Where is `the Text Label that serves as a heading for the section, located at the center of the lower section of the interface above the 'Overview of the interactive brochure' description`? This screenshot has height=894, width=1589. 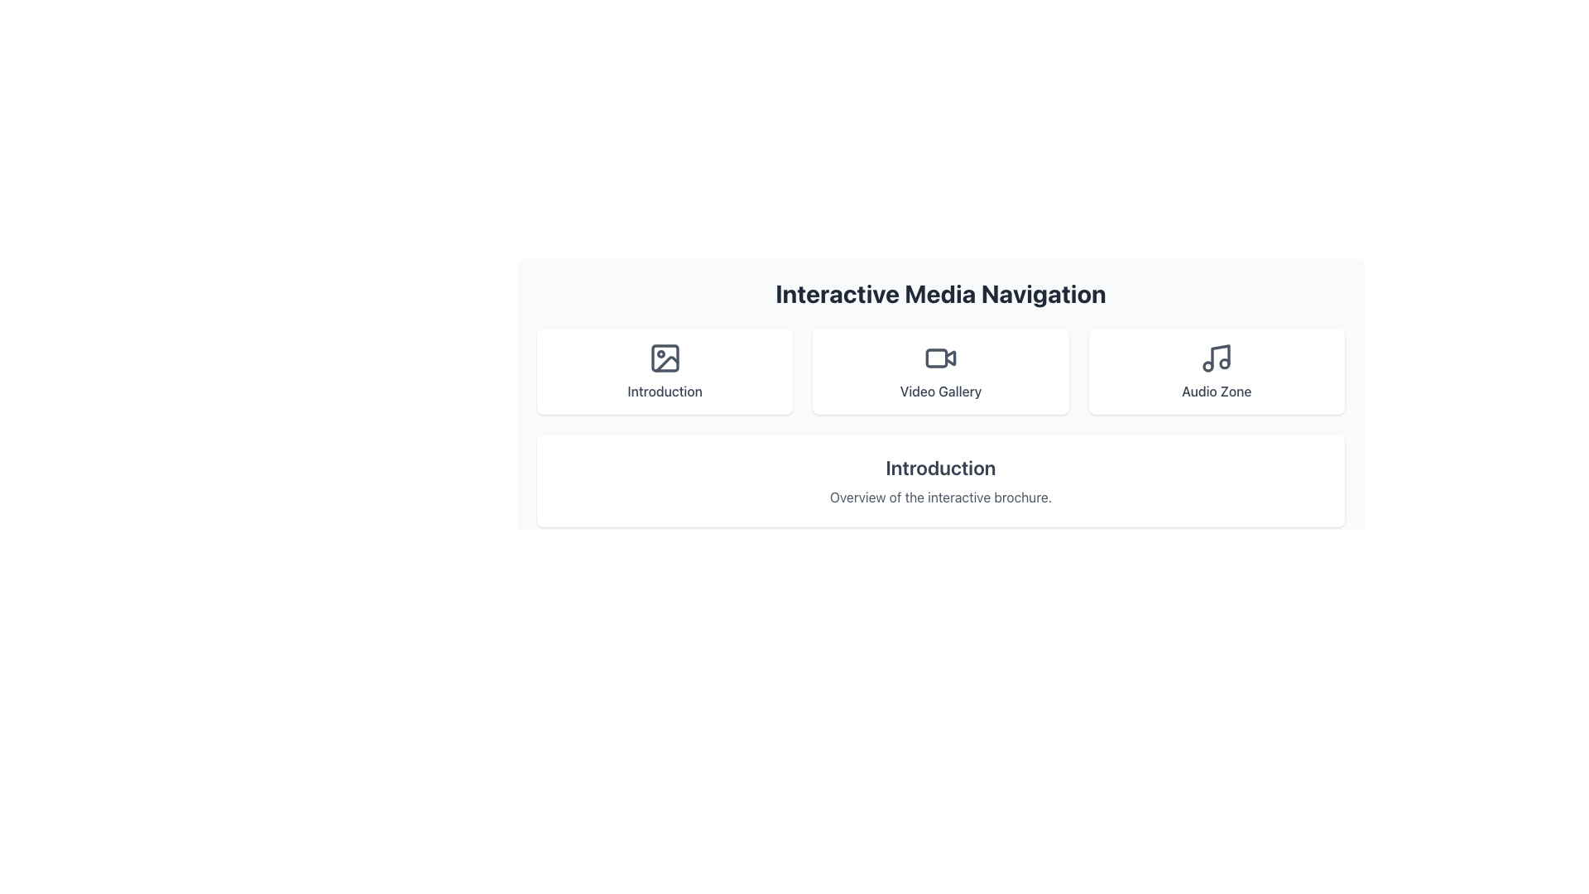
the Text Label that serves as a heading for the section, located at the center of the lower section of the interface above the 'Overview of the interactive brochure' description is located at coordinates (941, 467).